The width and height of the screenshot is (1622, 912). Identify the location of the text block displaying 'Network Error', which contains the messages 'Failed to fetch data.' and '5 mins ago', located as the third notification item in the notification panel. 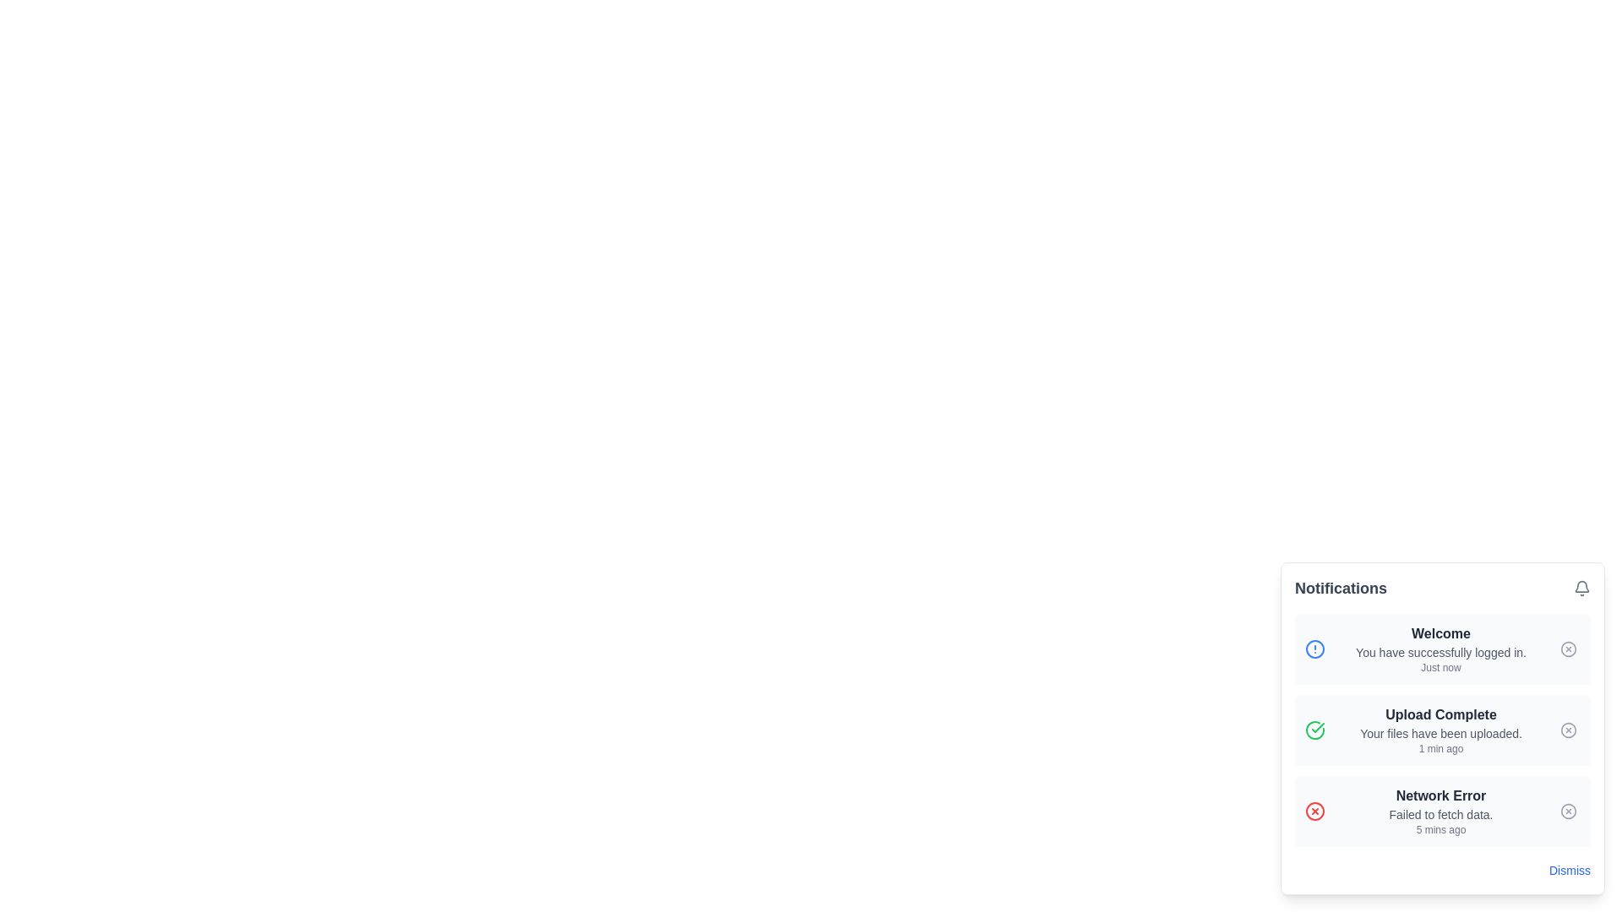
(1440, 810).